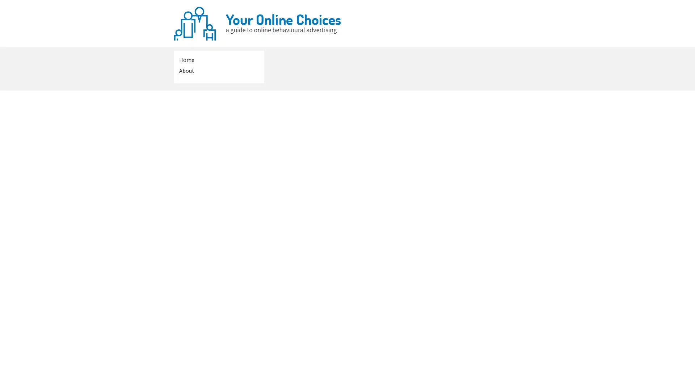 Image resolution: width=695 pixels, height=391 pixels. I want to click on play, so click(306, 331).